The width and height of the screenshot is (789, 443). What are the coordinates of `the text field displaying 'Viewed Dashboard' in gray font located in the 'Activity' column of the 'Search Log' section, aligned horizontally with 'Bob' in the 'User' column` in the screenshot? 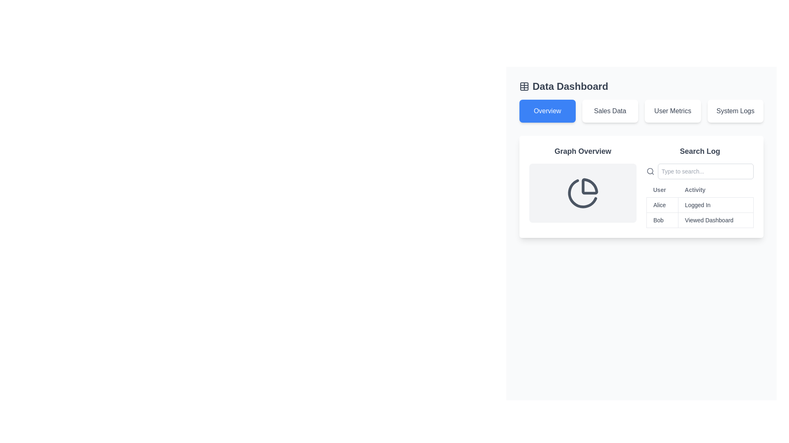 It's located at (715, 219).